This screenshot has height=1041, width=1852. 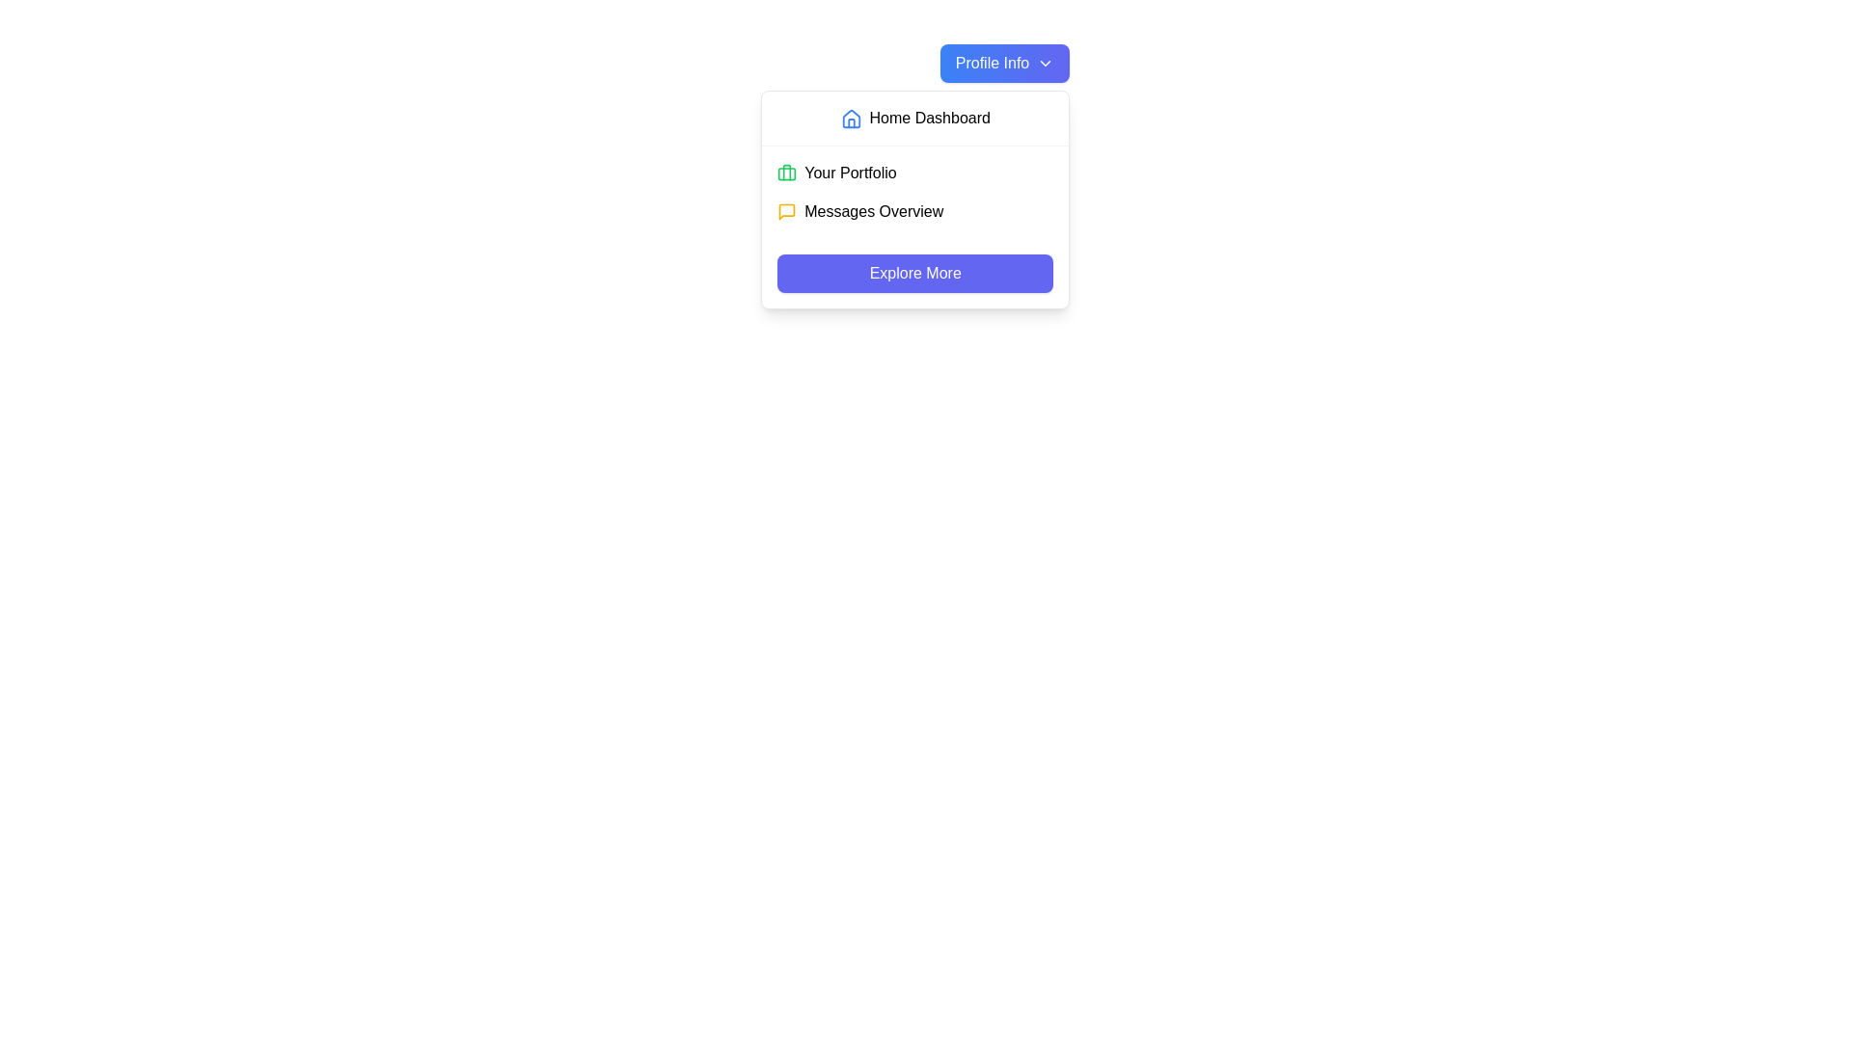 I want to click on the 'Messages Overview' text in the dropdown menu, which is the second item in the list beneath 'Your Portfolio' and above the 'Explore More' button, so click(x=914, y=211).